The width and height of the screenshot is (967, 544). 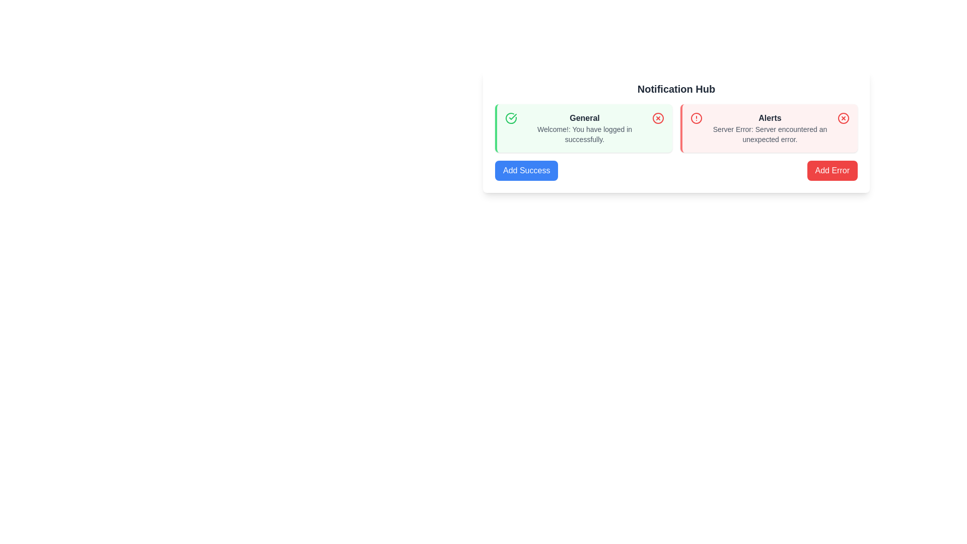 What do you see at coordinates (526, 170) in the screenshot?
I see `the action button located at the bottom-left corner of the 'Notification Hub' section` at bounding box center [526, 170].